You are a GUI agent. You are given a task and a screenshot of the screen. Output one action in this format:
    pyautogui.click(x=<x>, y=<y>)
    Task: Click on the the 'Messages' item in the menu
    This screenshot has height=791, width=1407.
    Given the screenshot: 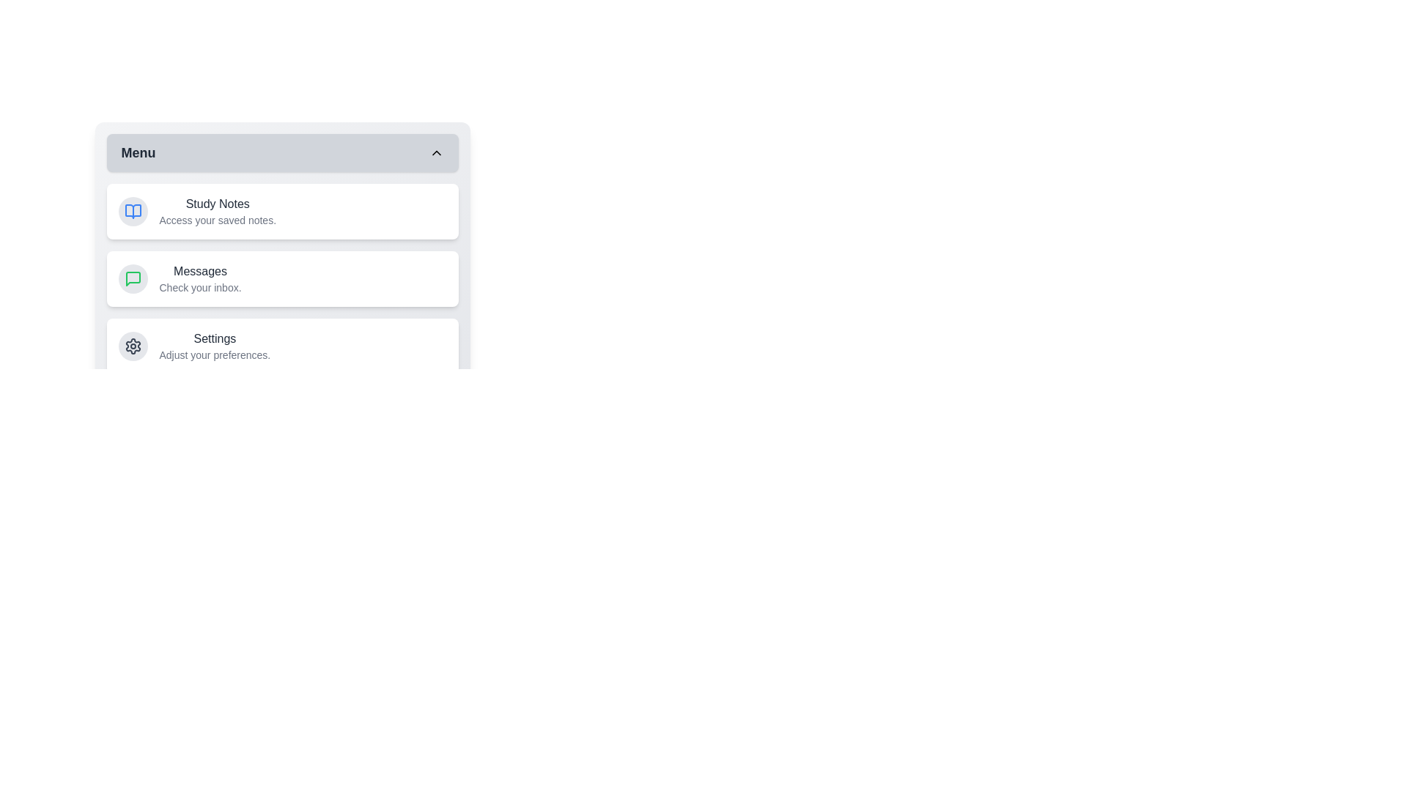 What is the action you would take?
    pyautogui.click(x=282, y=279)
    